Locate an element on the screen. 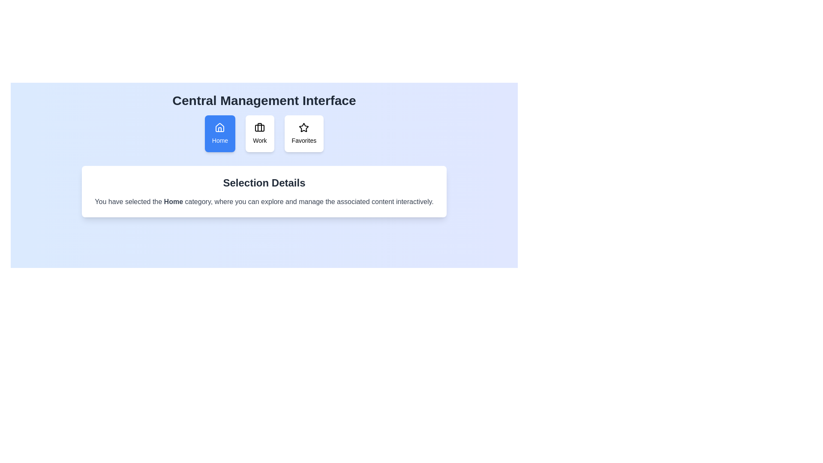 The width and height of the screenshot is (823, 463). the vertical structure element within the house icon, which is part of the blue 'Home' button is located at coordinates (220, 129).